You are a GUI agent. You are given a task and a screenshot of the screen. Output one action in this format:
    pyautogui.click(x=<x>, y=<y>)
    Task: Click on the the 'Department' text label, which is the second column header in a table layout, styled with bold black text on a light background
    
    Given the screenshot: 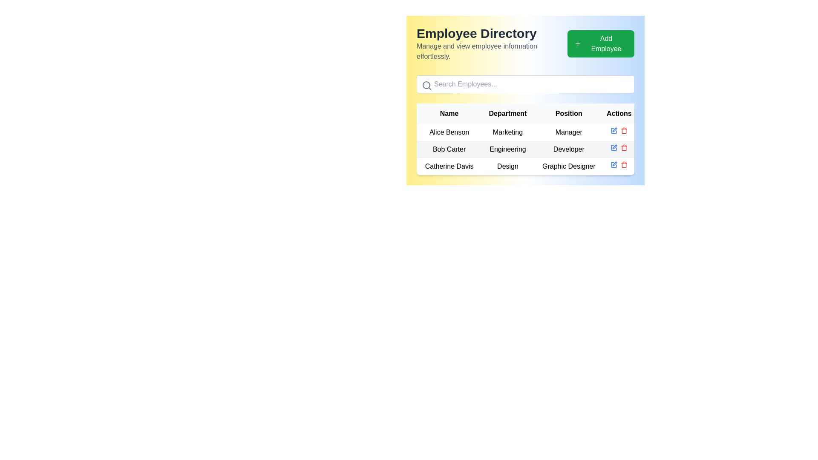 What is the action you would take?
    pyautogui.click(x=507, y=113)
    